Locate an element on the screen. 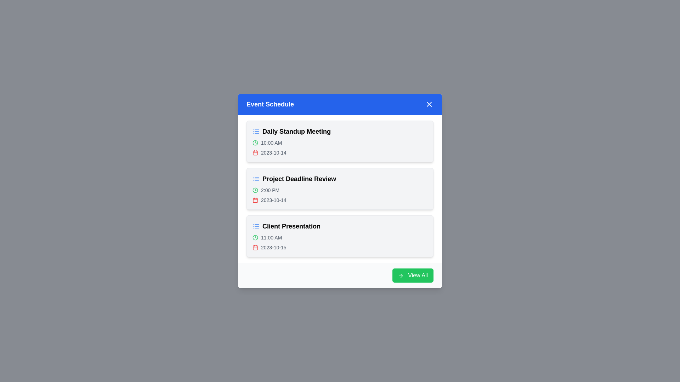 The image size is (680, 382). the circular icon element with a green border and white fill, part of the 'Project Deadline Review' section in the event list is located at coordinates (255, 143).